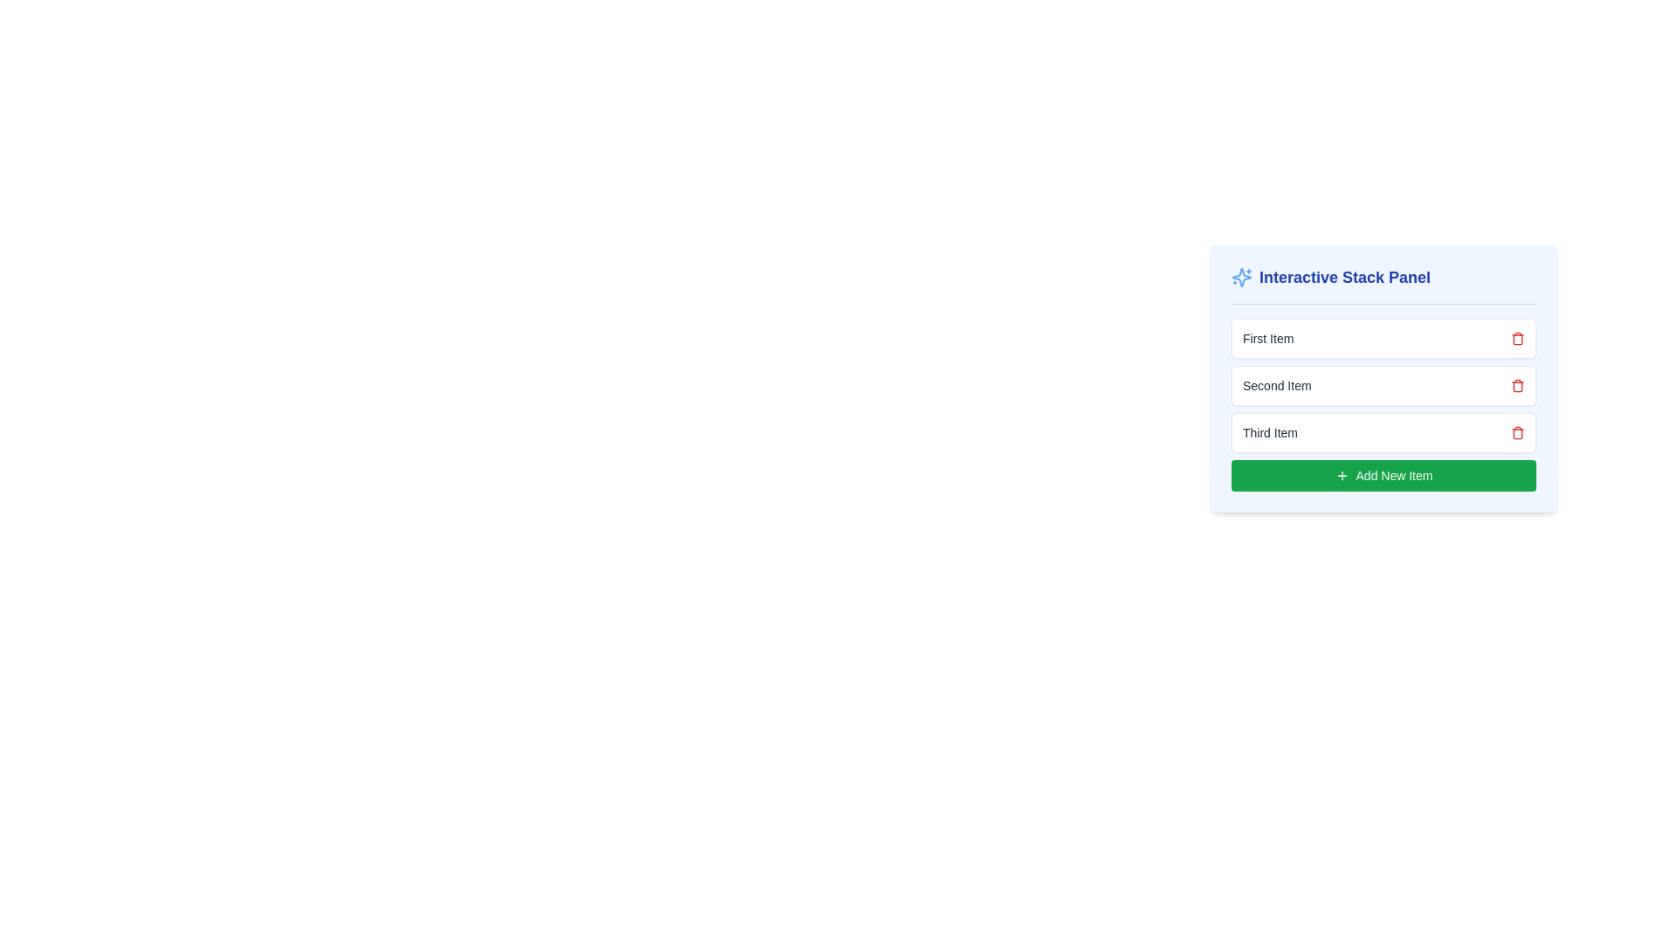 The image size is (1677, 943). What do you see at coordinates (1516, 432) in the screenshot?
I see `the delete button icon located in the 'Third Item' row to trigger the tooltip indicating its functionality` at bounding box center [1516, 432].